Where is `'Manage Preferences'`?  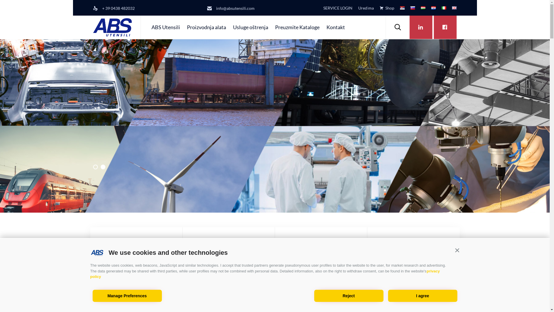 'Manage Preferences' is located at coordinates (127, 296).